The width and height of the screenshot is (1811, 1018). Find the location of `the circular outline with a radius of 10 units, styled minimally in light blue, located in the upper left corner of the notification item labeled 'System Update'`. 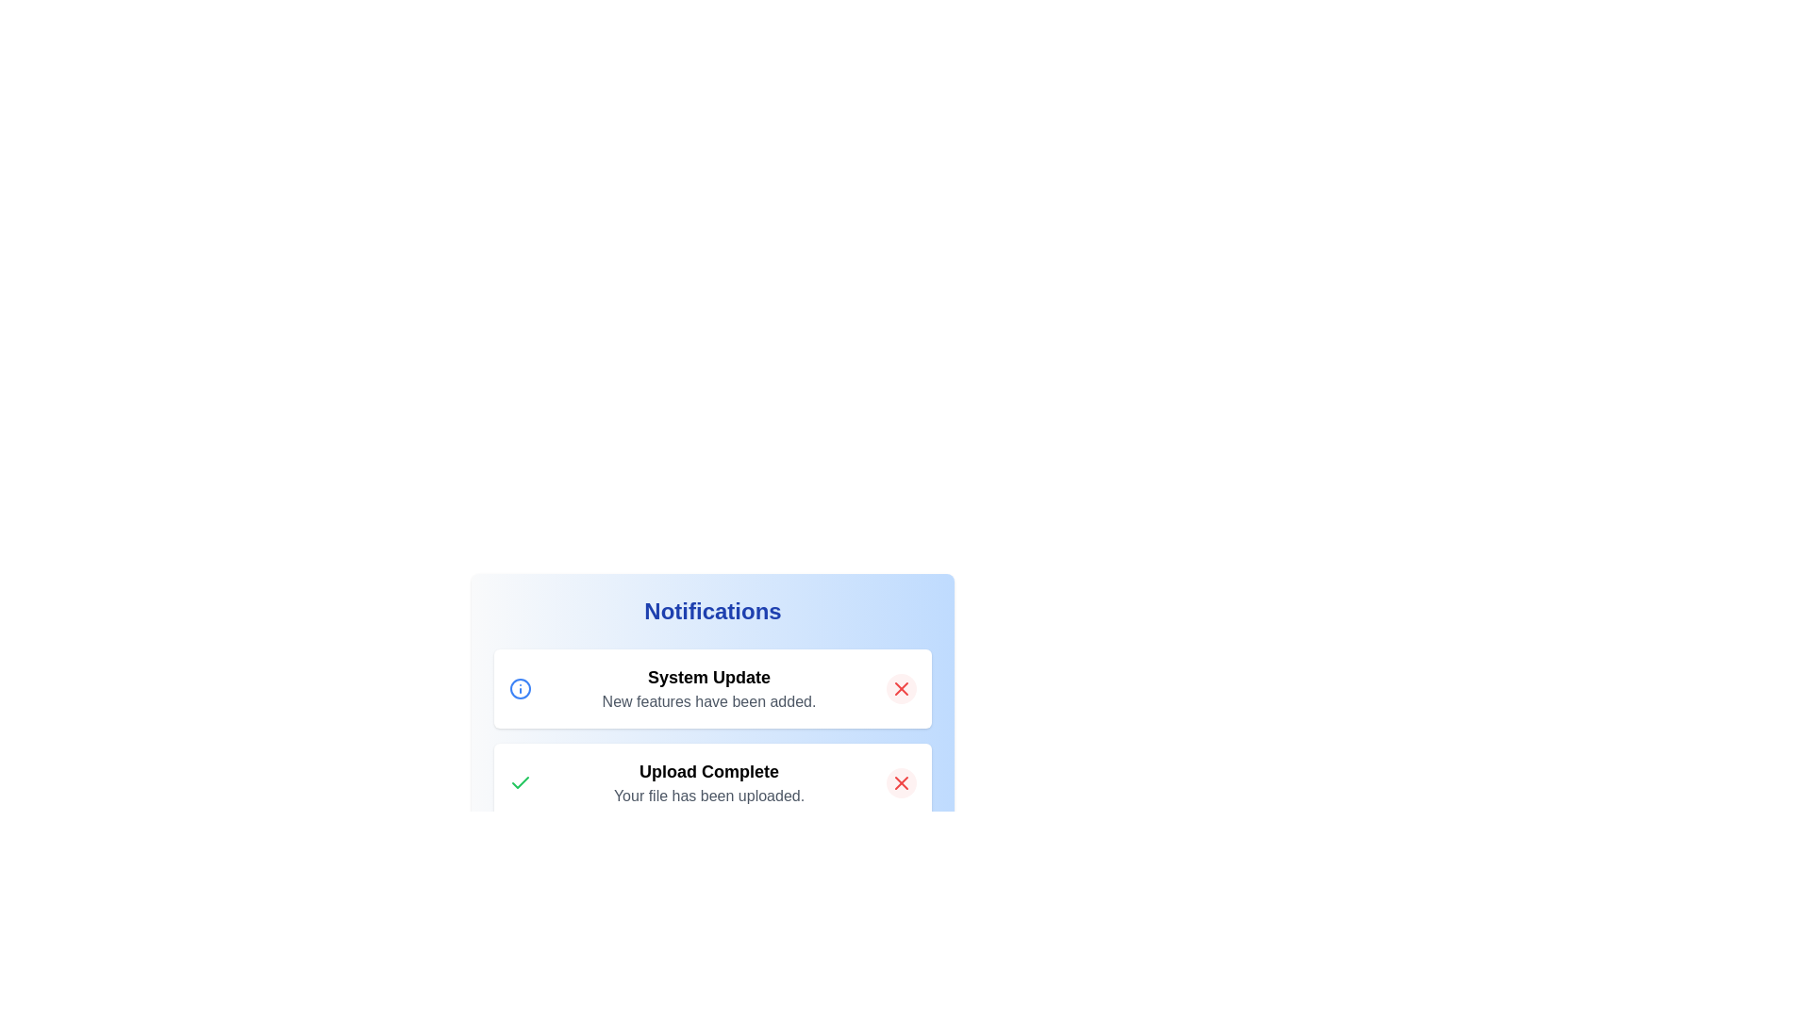

the circular outline with a radius of 10 units, styled minimally in light blue, located in the upper left corner of the notification item labeled 'System Update' is located at coordinates (521, 689).